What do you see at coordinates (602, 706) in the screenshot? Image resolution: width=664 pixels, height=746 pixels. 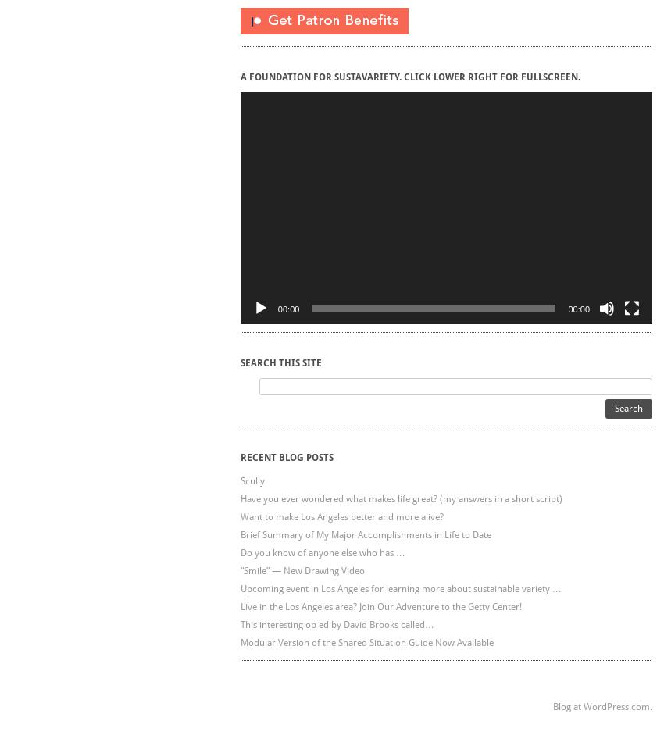 I see `'Blog at WordPress.com.'` at bounding box center [602, 706].